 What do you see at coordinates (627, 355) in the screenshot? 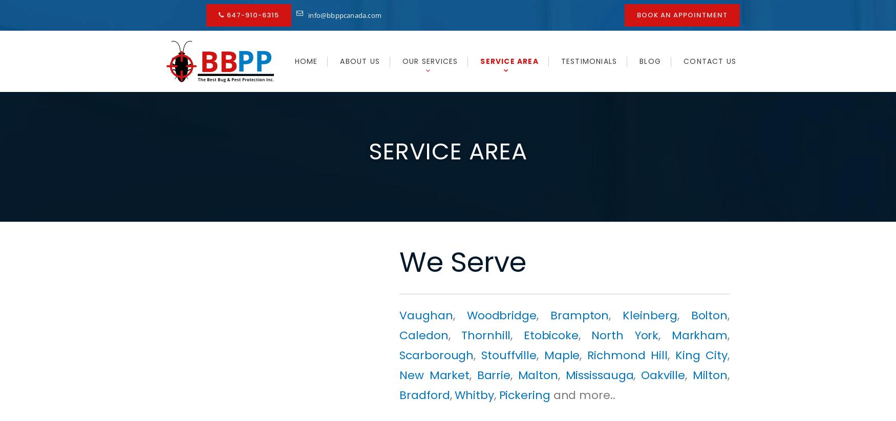
I see `'Richmond Hill'` at bounding box center [627, 355].